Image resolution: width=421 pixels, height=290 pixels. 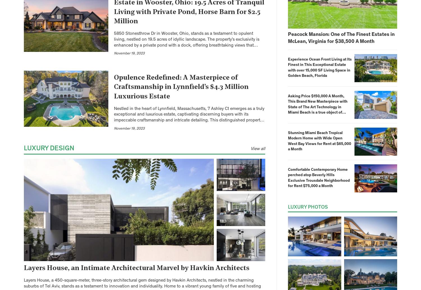 What do you see at coordinates (318, 107) in the screenshot?
I see `'Asking Price $150,000 A Month, This Brand New Masterpiece with State of The Art Technology in Miami Beach is a true object of desire'` at bounding box center [318, 107].